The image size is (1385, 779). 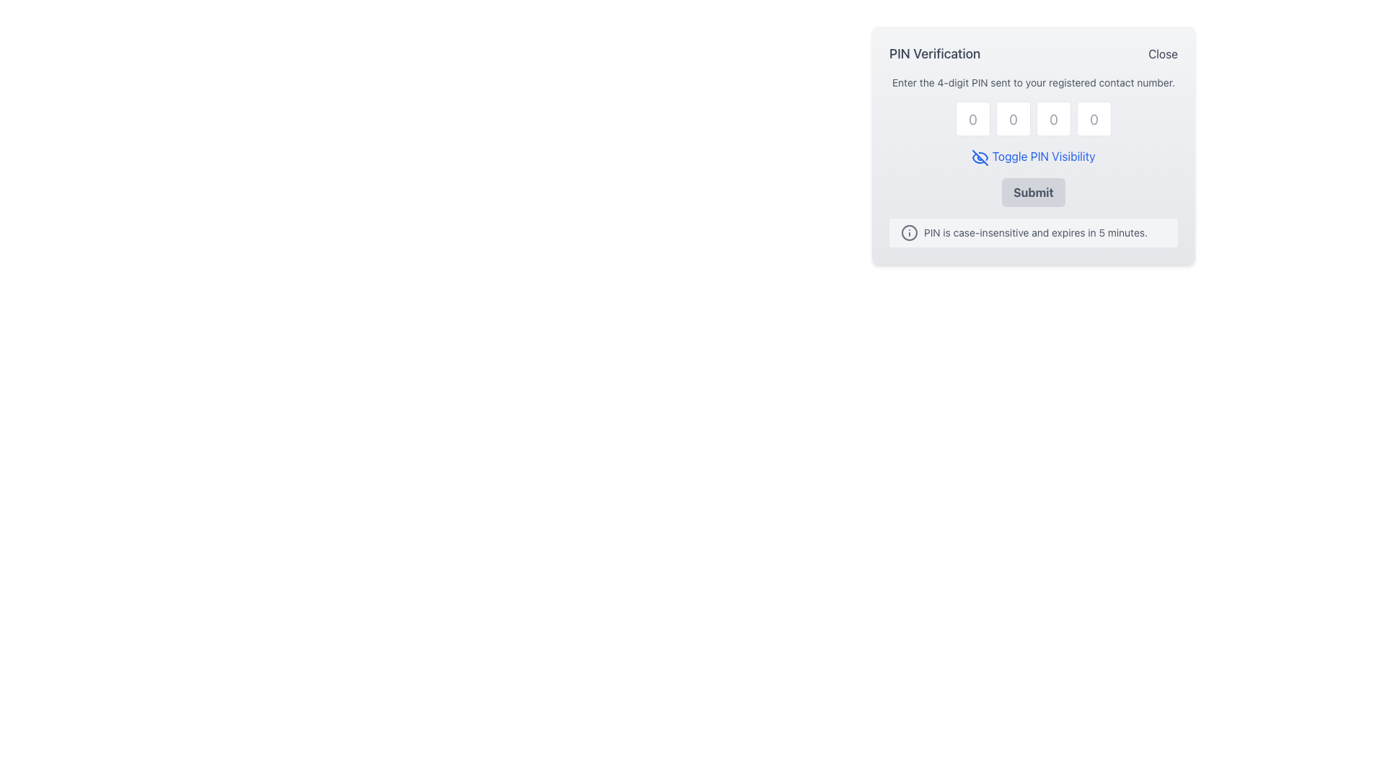 What do you see at coordinates (1013, 118) in the screenshot?
I see `the second text input field of the 4-digit PIN input mechanism to focus on it` at bounding box center [1013, 118].